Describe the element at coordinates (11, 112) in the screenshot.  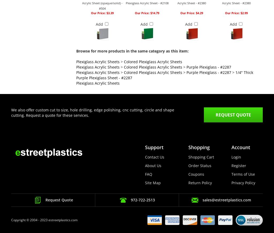
I see `'We also offer custom cut to size, hole drilling, edge polishing, cnc cutting, circle and shape cutting.  Request a quote for these services.'` at that location.